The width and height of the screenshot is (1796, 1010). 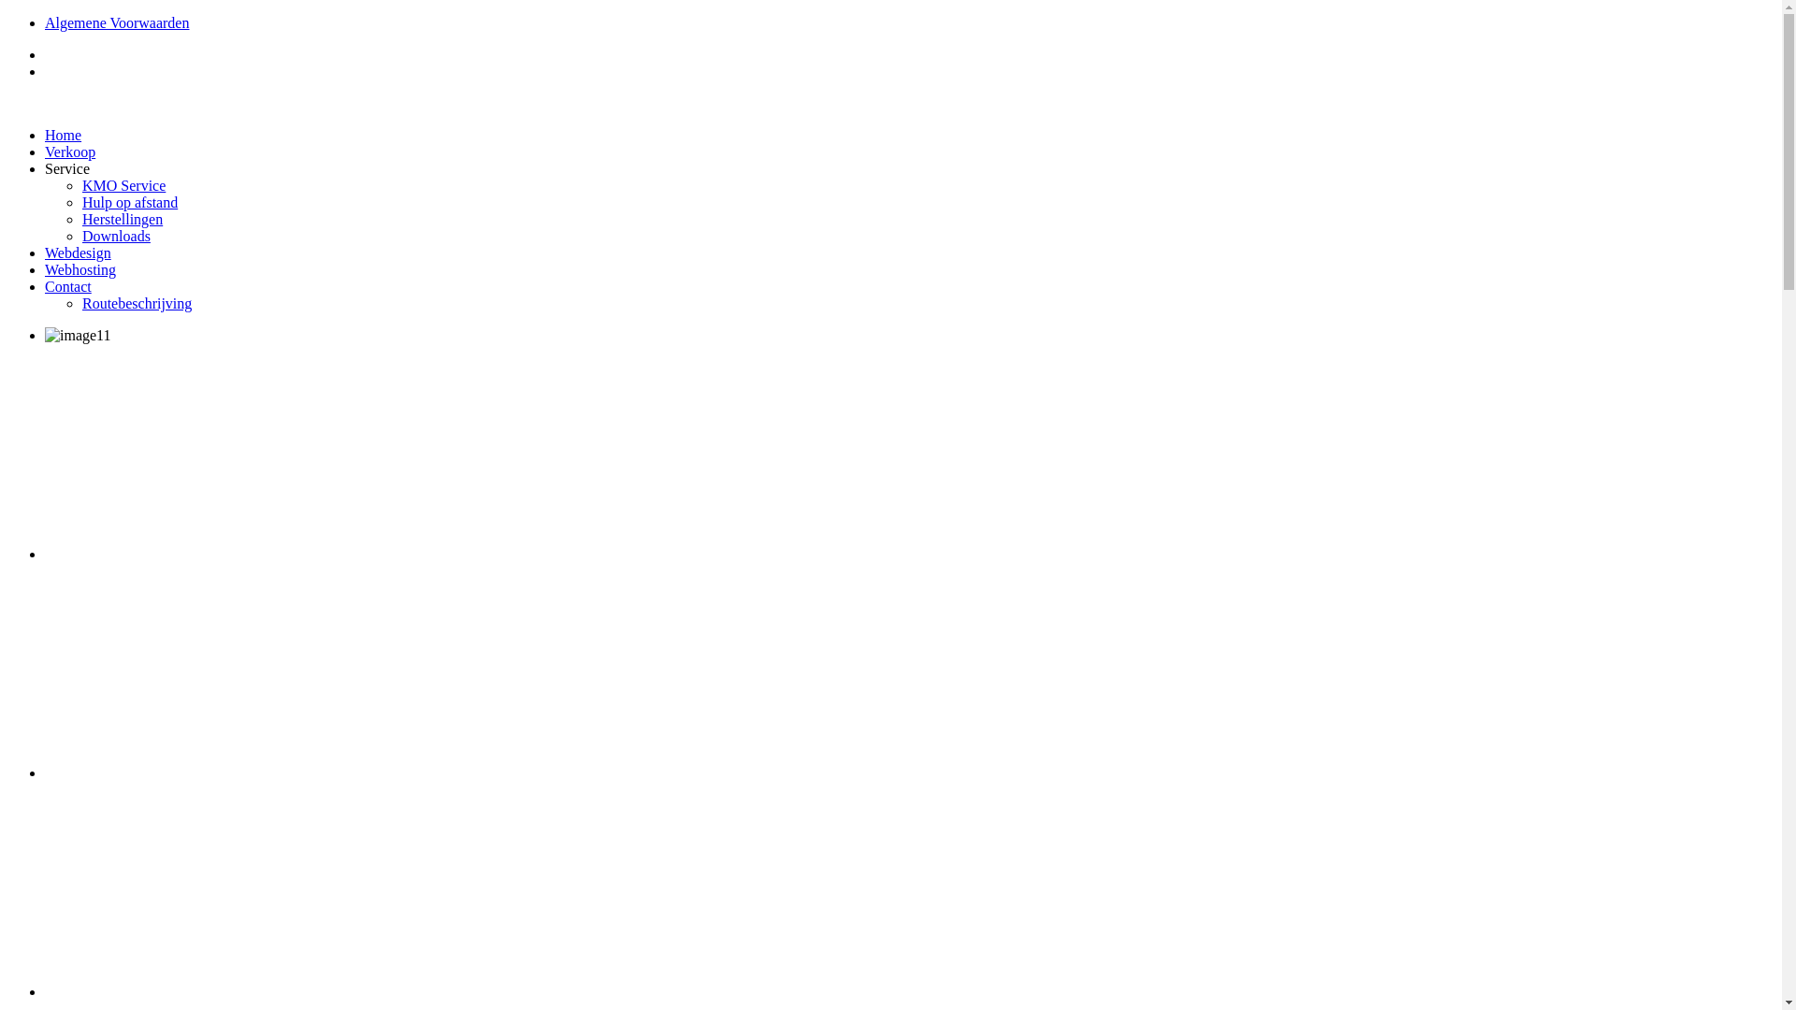 What do you see at coordinates (136, 302) in the screenshot?
I see `'Routebeschrijving'` at bounding box center [136, 302].